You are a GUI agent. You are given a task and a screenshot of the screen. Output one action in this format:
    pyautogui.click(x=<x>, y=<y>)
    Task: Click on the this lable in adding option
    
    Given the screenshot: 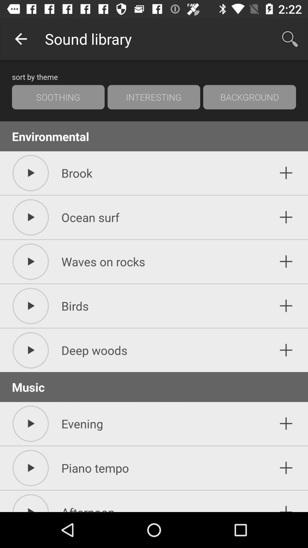 What is the action you would take?
    pyautogui.click(x=286, y=261)
    